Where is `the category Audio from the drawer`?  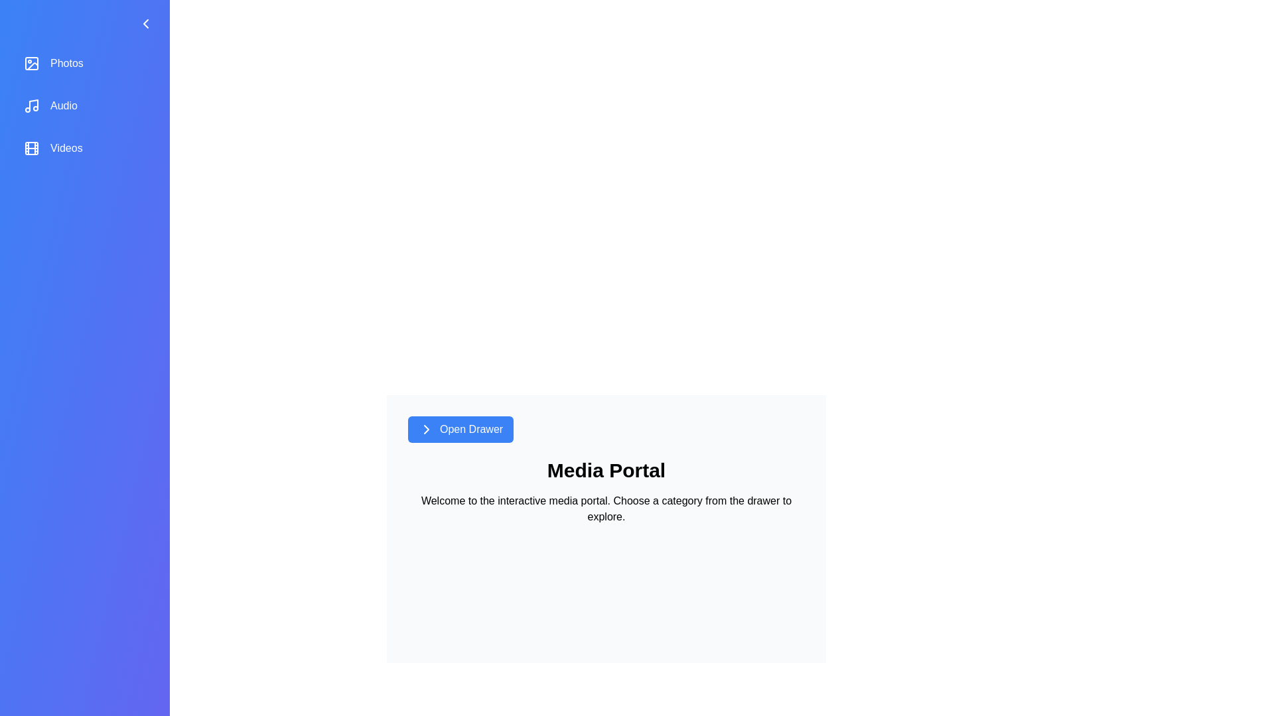
the category Audio from the drawer is located at coordinates (84, 105).